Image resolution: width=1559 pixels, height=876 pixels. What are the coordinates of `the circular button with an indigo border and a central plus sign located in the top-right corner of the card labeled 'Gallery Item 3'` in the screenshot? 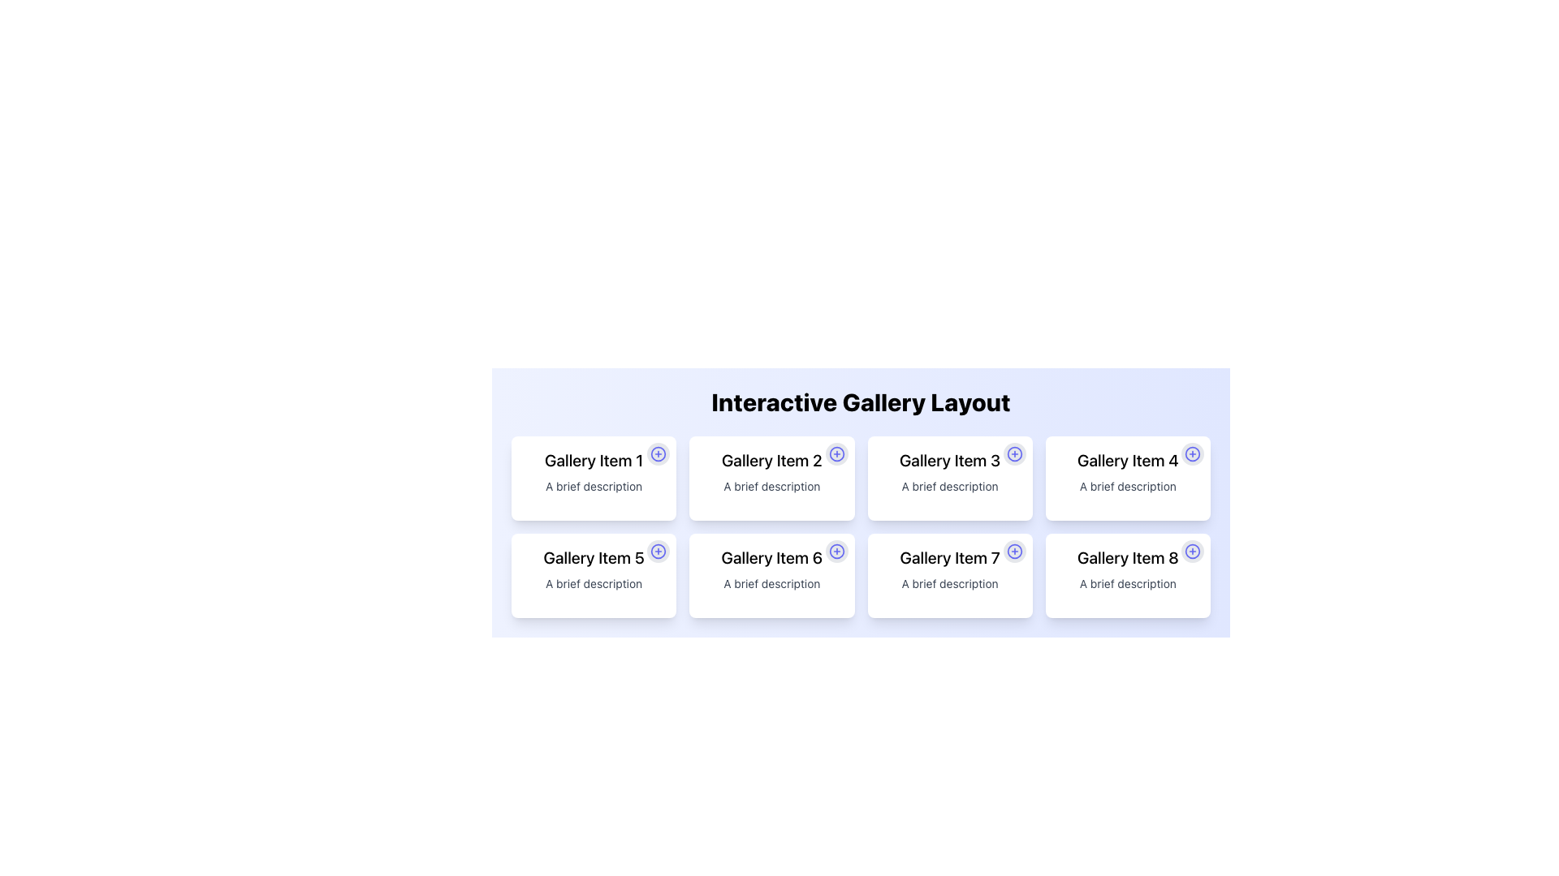 It's located at (1013, 453).